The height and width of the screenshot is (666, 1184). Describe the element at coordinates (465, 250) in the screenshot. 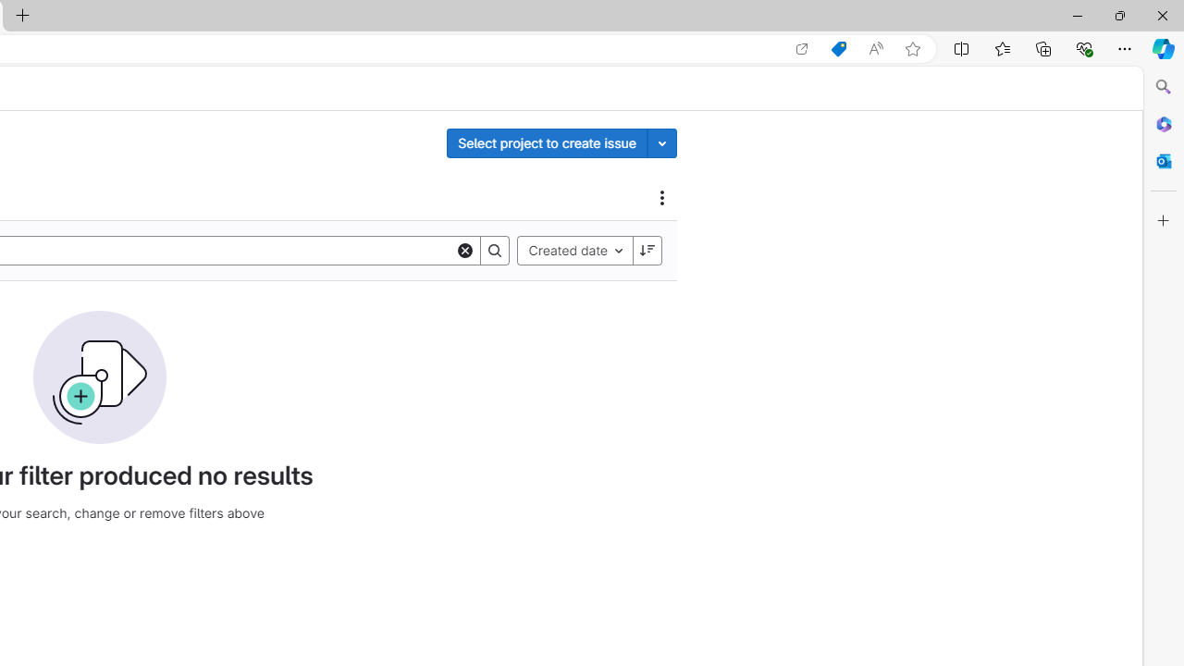

I see `'Clear'` at that location.